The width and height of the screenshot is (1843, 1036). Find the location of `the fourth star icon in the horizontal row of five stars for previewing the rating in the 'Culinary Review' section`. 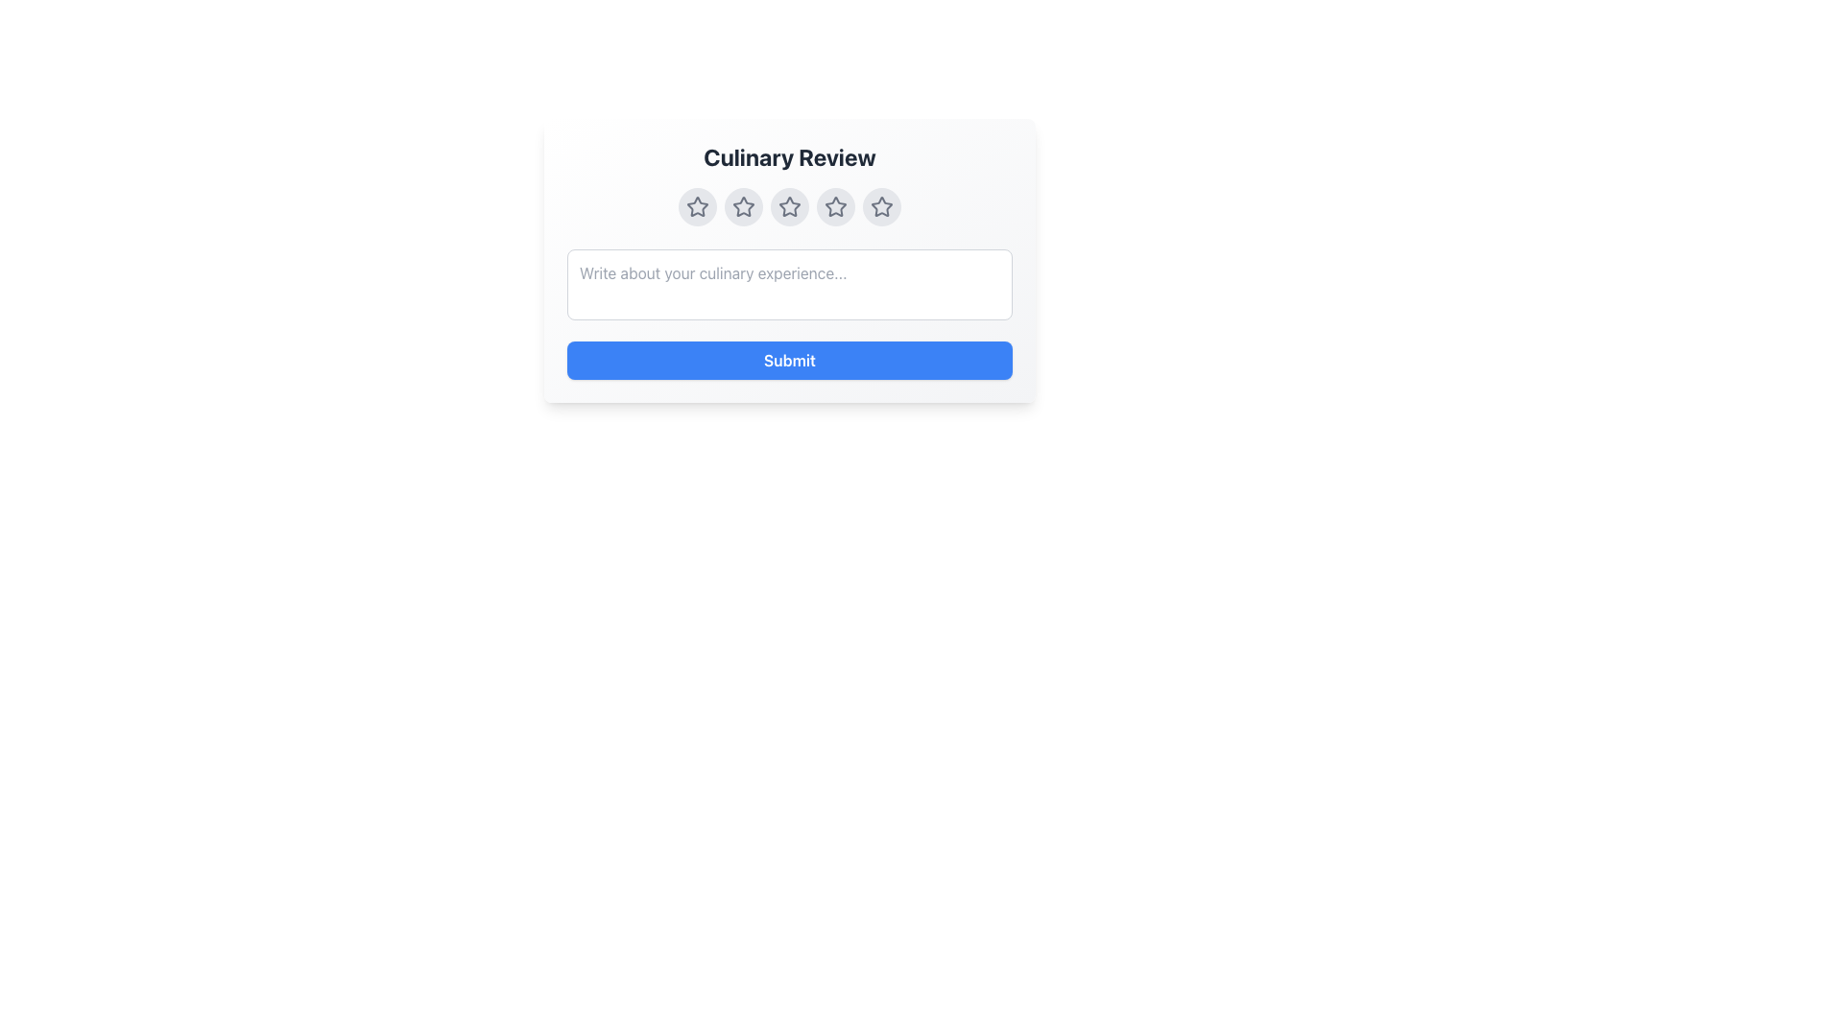

the fourth star icon in the horizontal row of five stars for previewing the rating in the 'Culinary Review' section is located at coordinates (835, 206).